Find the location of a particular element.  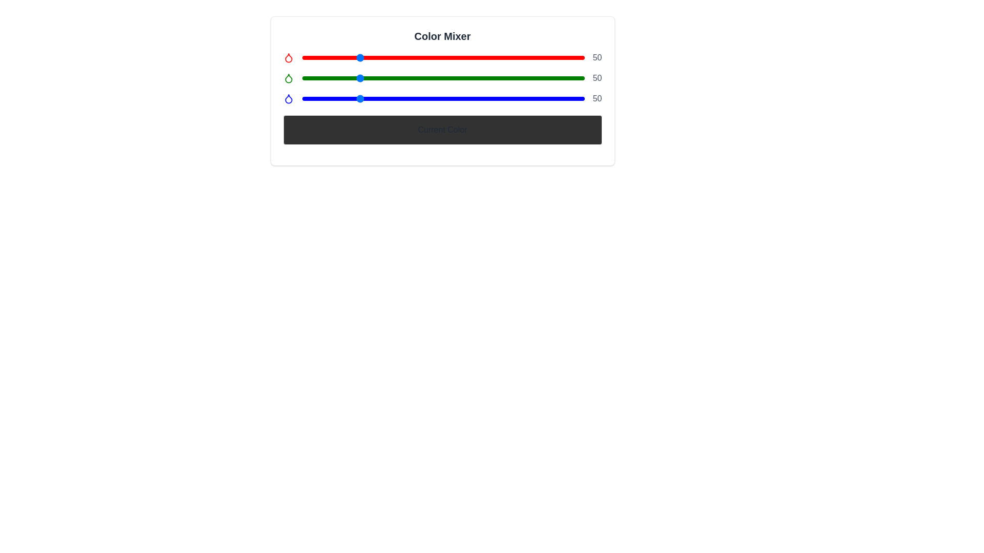

the blue slider to set its value to 33 is located at coordinates (339, 98).